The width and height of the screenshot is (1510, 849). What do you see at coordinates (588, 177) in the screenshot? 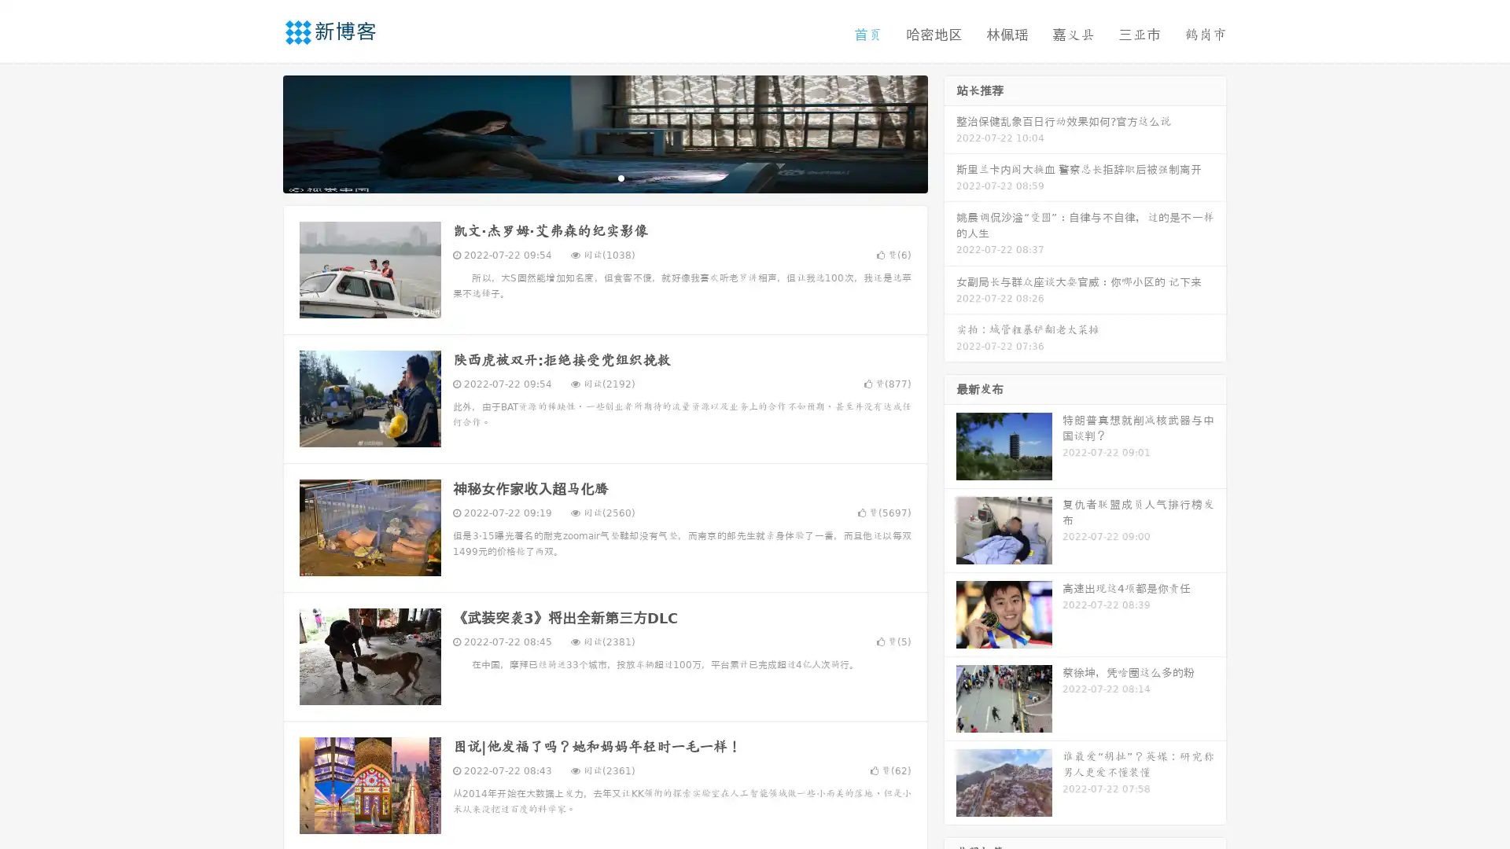
I see `Go to slide 1` at bounding box center [588, 177].